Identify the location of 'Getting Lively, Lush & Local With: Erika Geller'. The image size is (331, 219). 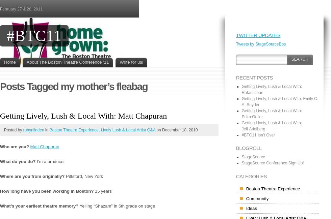
(272, 113).